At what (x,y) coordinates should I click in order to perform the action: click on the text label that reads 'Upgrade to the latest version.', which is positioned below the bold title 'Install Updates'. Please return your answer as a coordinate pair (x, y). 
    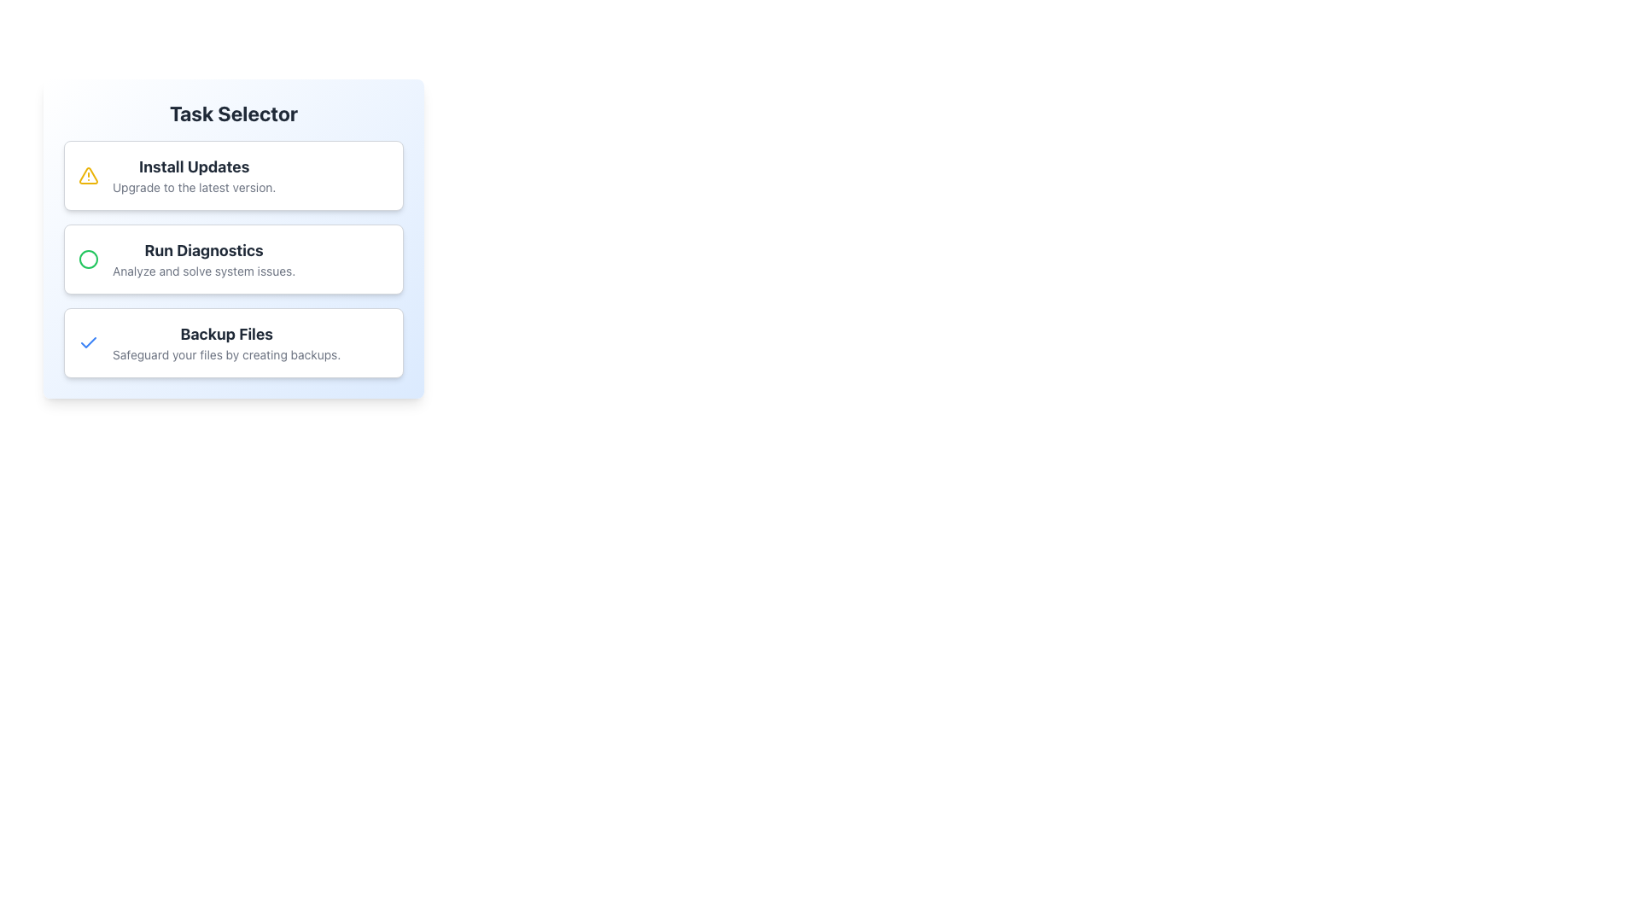
    Looking at the image, I should click on (194, 187).